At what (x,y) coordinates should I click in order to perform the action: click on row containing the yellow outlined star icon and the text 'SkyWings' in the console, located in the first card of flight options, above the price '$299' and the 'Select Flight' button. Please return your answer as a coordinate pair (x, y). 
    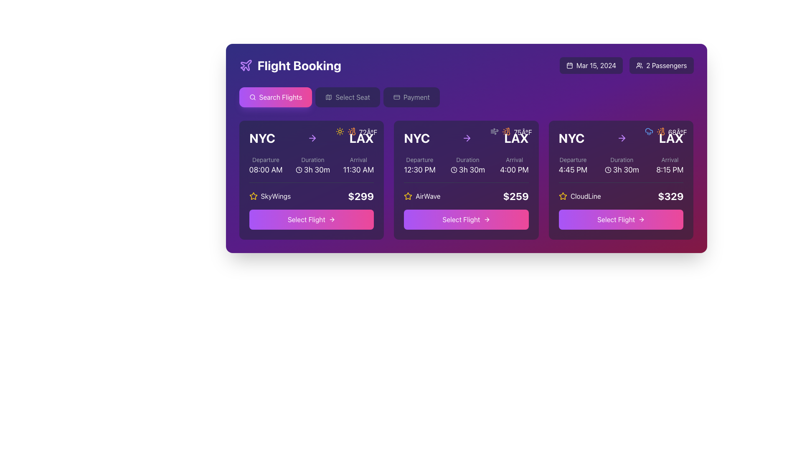
    Looking at the image, I should click on (270, 196).